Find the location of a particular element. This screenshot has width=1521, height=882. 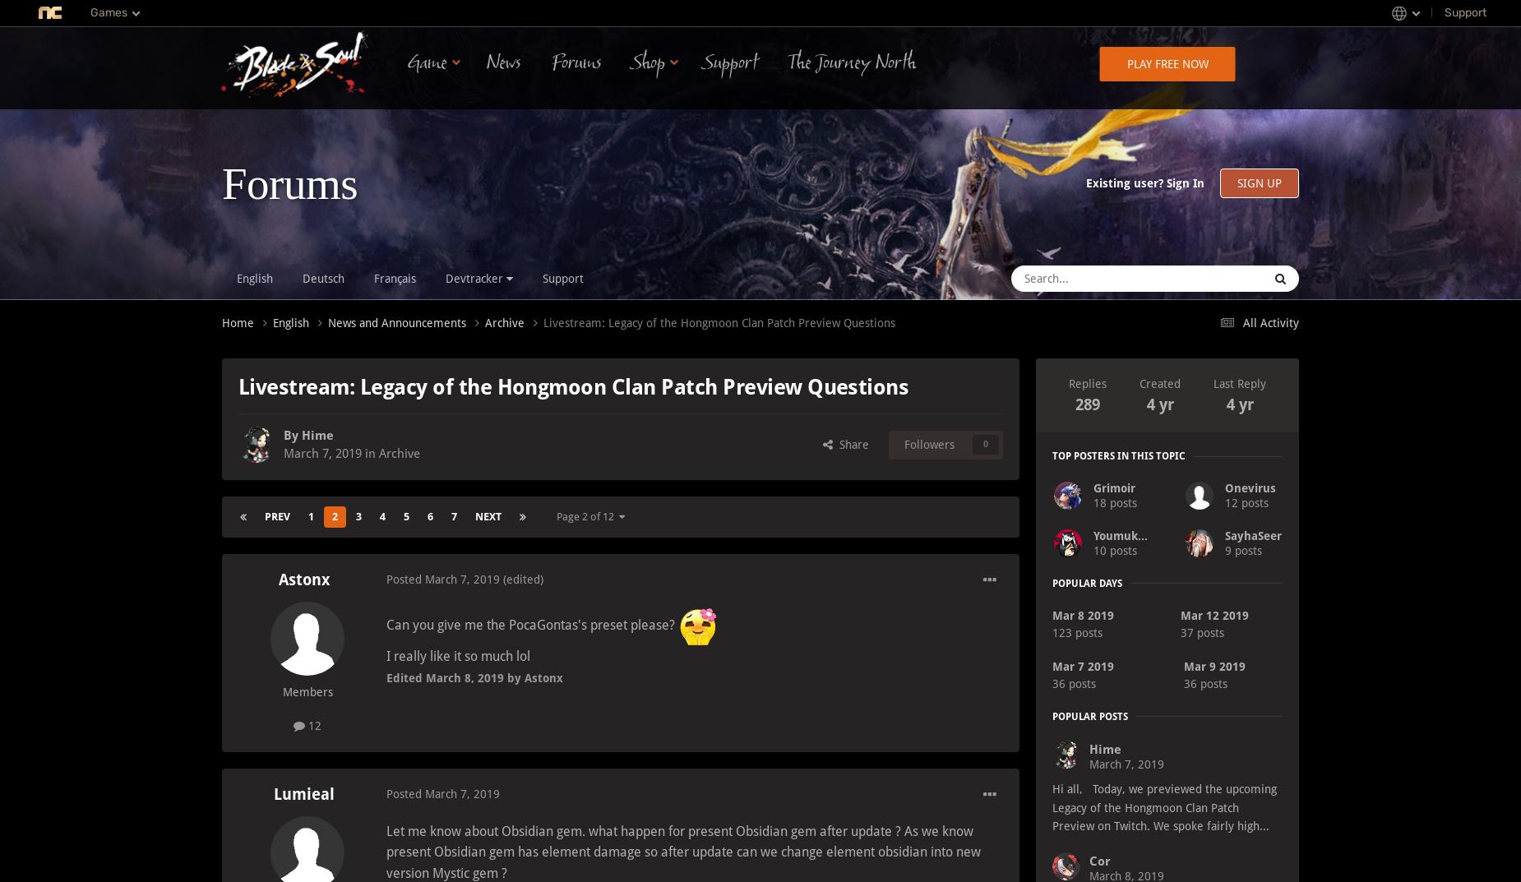

'0' is located at coordinates (984, 444).